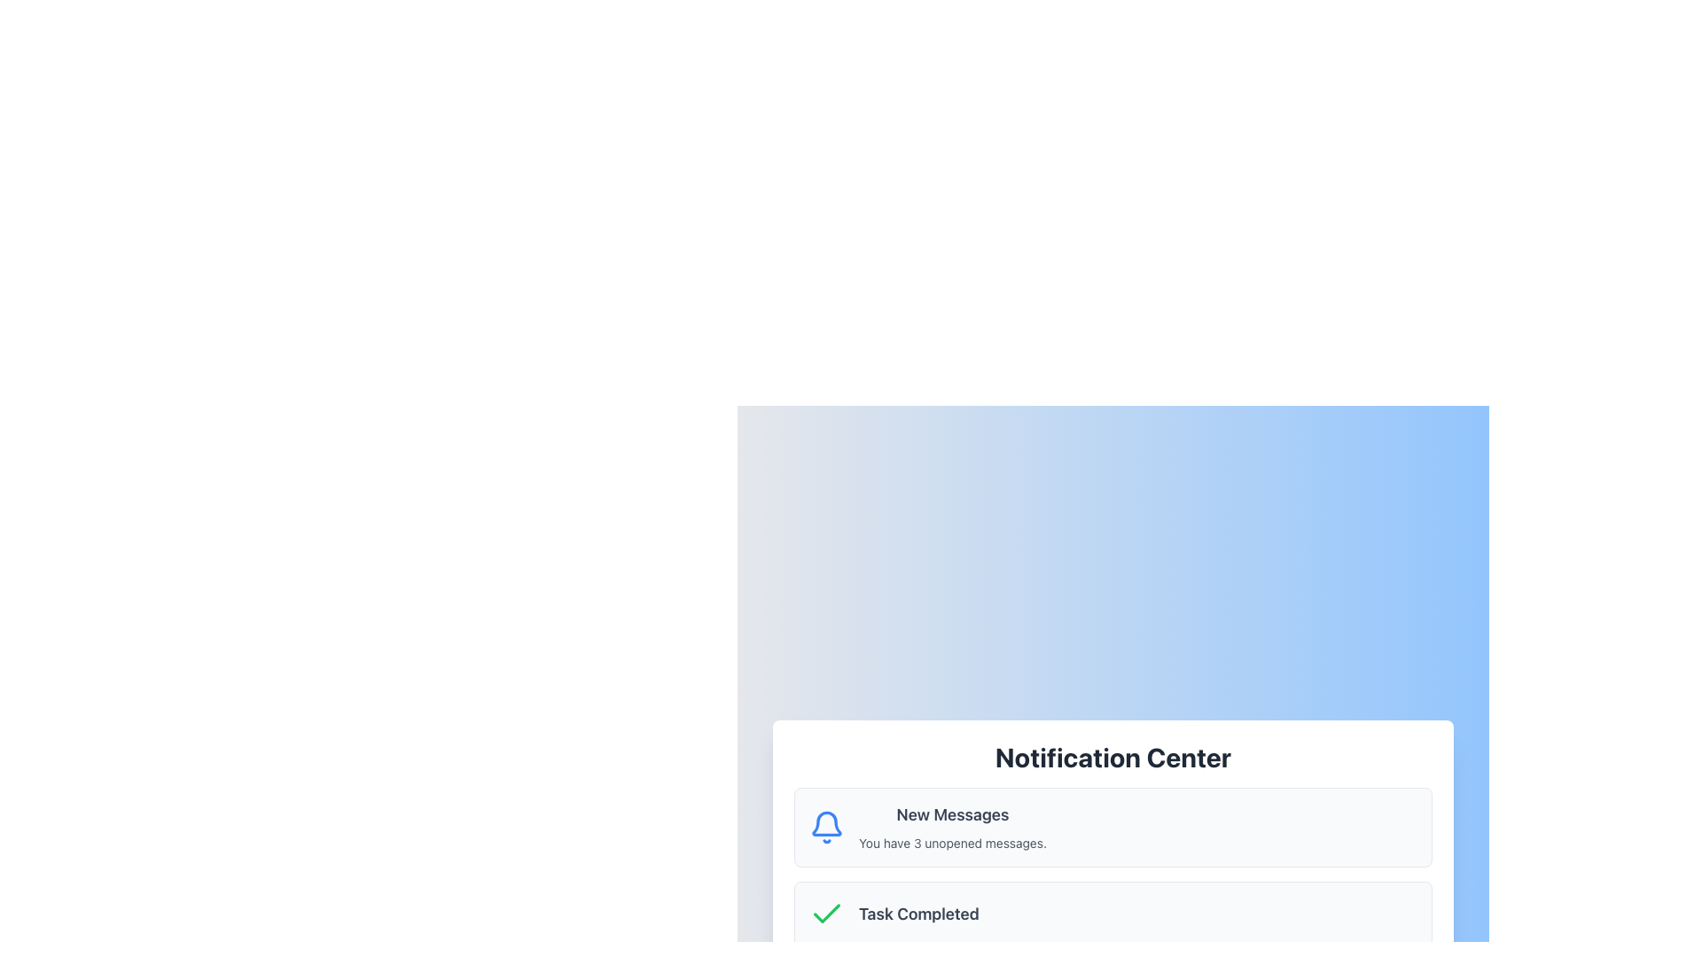 Image resolution: width=1702 pixels, height=957 pixels. What do you see at coordinates (918, 914) in the screenshot?
I see `the text label displaying 'Task Completed' in a bold, gray font, which is part of a notification interface and positioned next to a green checkmark icon` at bounding box center [918, 914].